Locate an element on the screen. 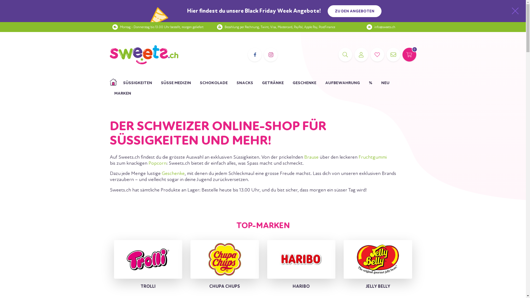 The height and width of the screenshot is (298, 530). 'WUNSCHLISTE' is located at coordinates (377, 54).